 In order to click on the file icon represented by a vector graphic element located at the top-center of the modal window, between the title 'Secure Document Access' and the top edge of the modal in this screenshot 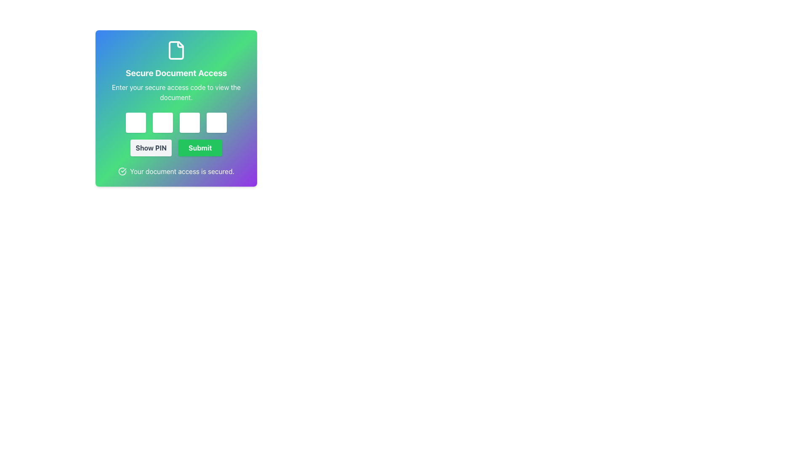, I will do `click(175, 50)`.